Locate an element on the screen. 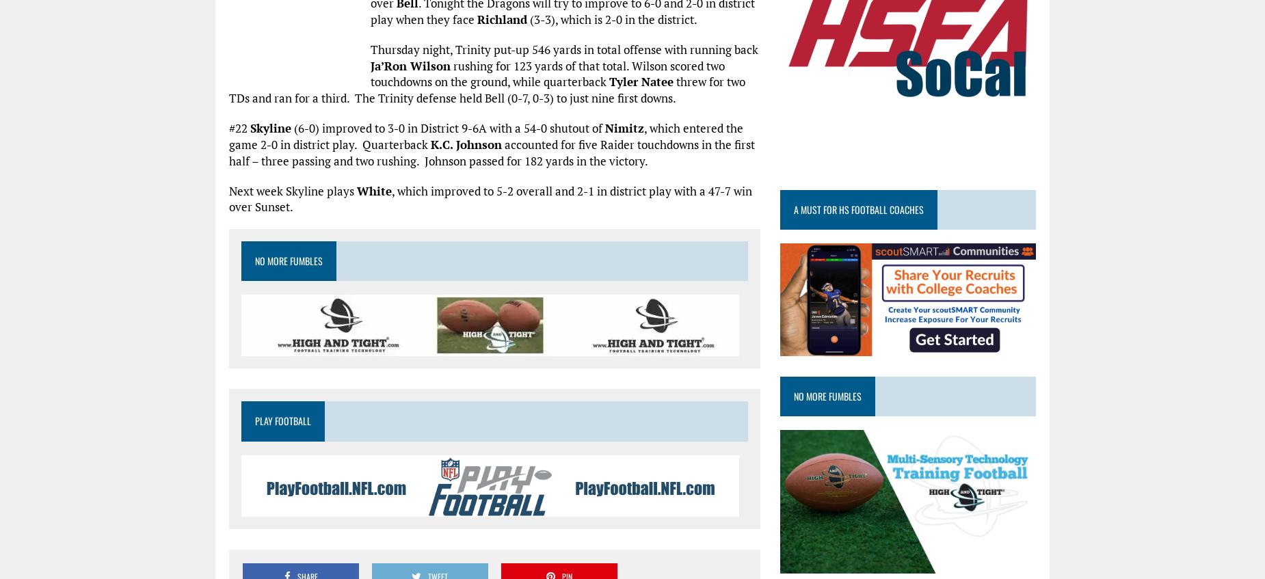  'Play Football' is located at coordinates (282, 420).